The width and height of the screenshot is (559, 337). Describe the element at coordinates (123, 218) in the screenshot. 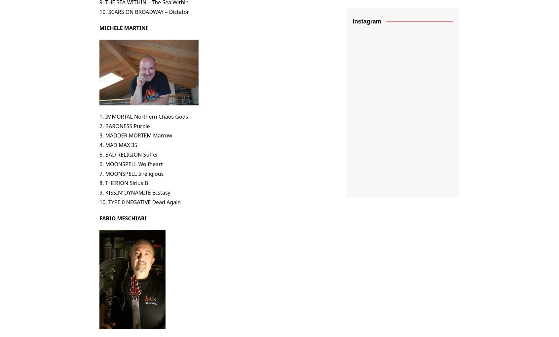

I see `'FABIO MESCHIARI'` at that location.